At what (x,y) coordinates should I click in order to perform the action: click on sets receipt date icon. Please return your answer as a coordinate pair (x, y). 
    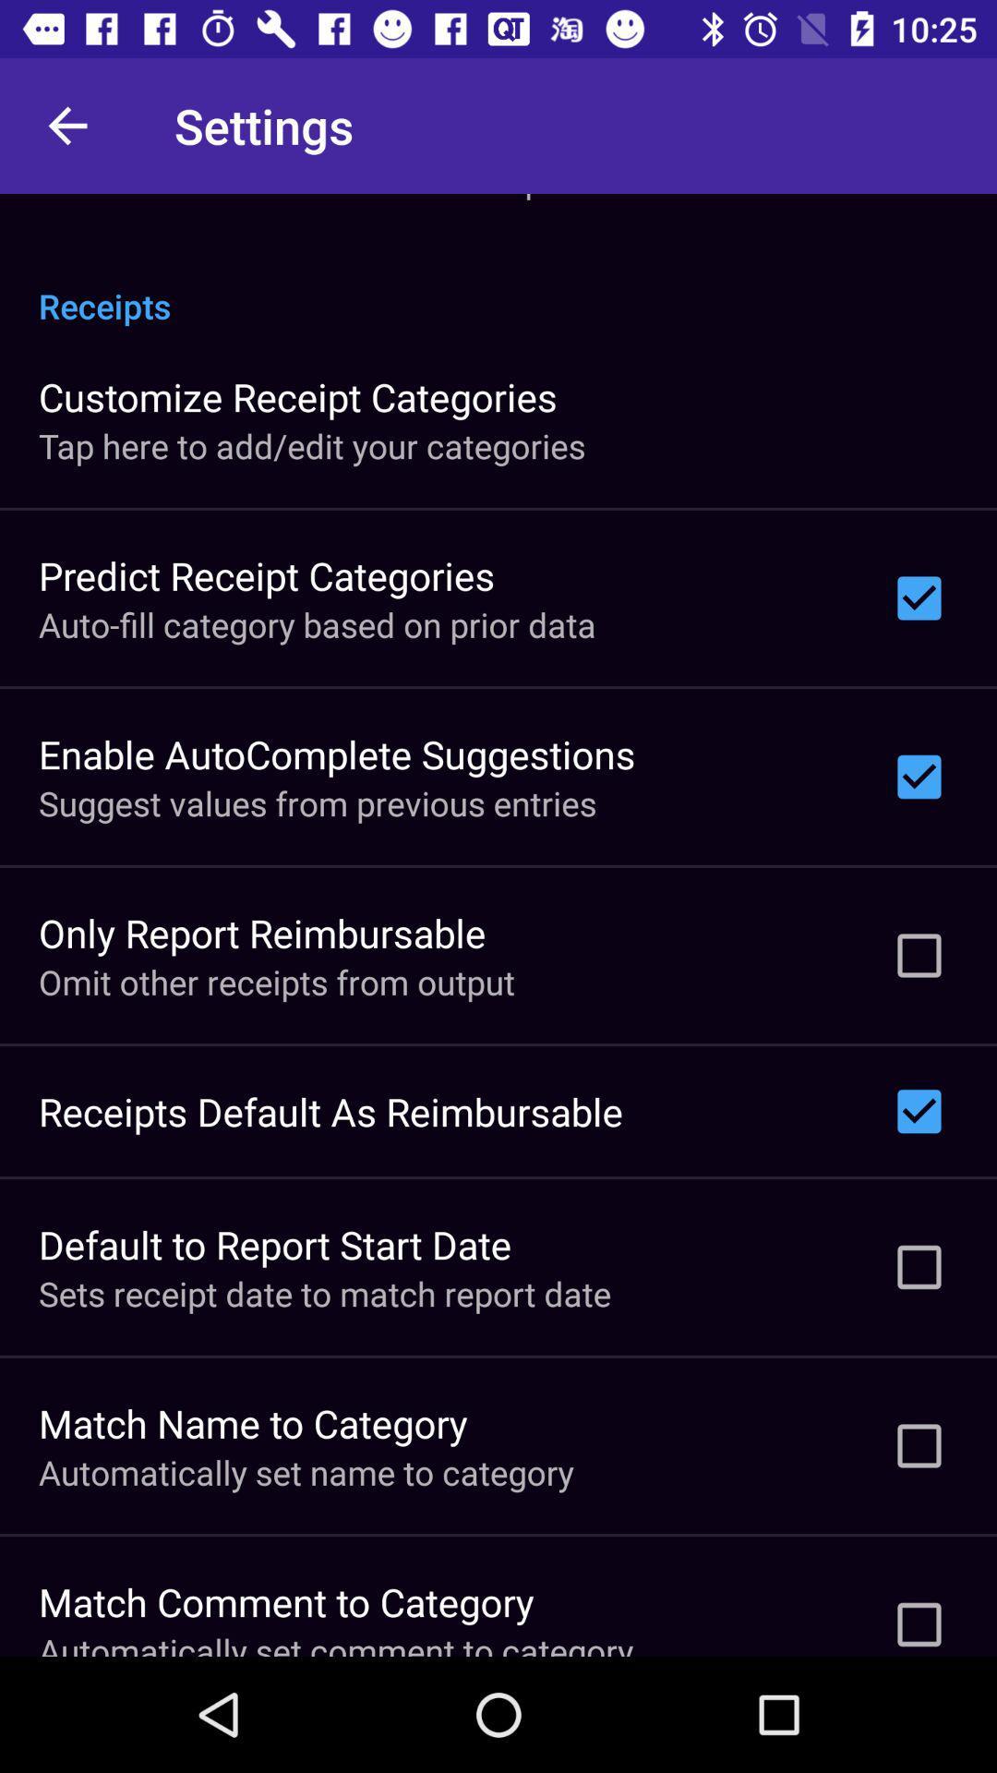
    Looking at the image, I should click on (324, 1293).